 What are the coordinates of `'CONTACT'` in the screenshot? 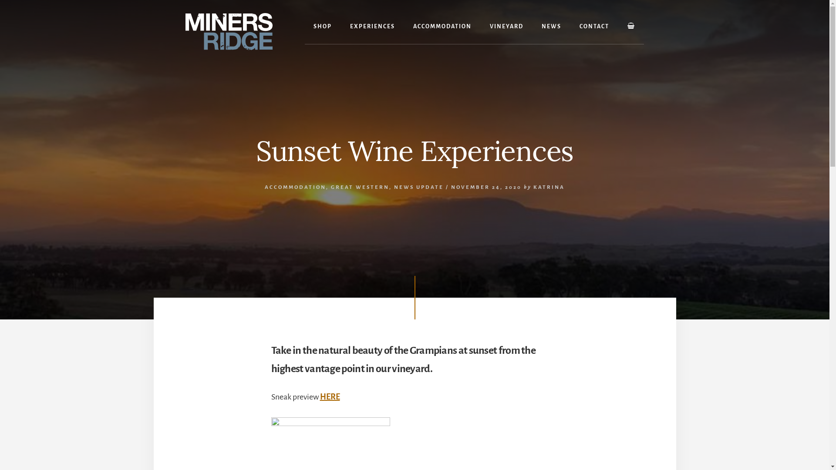 It's located at (570, 26).